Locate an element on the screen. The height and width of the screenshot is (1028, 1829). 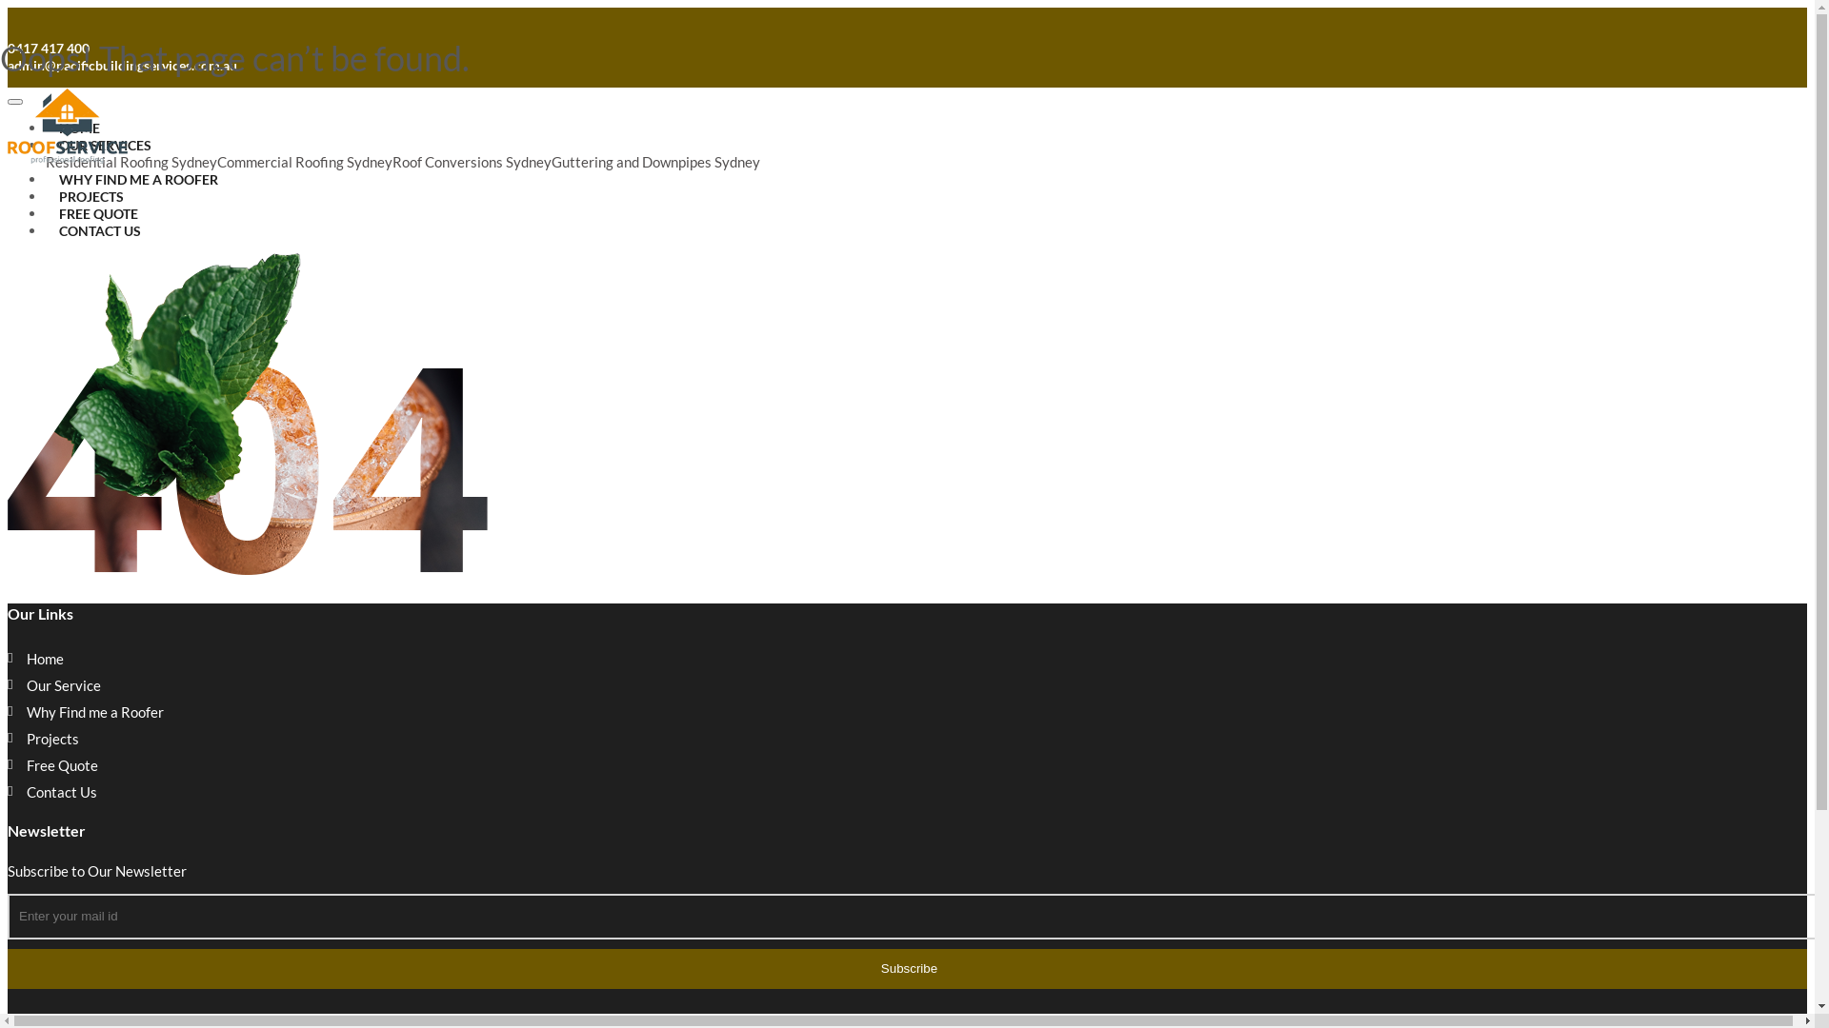
'Guttering and Downpipes Sydney' is located at coordinates (655, 160).